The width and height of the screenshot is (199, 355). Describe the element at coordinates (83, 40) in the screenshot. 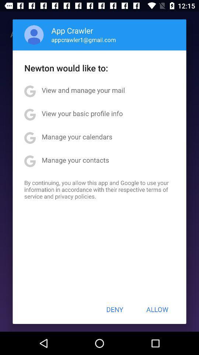

I see `item below the app crawler` at that location.